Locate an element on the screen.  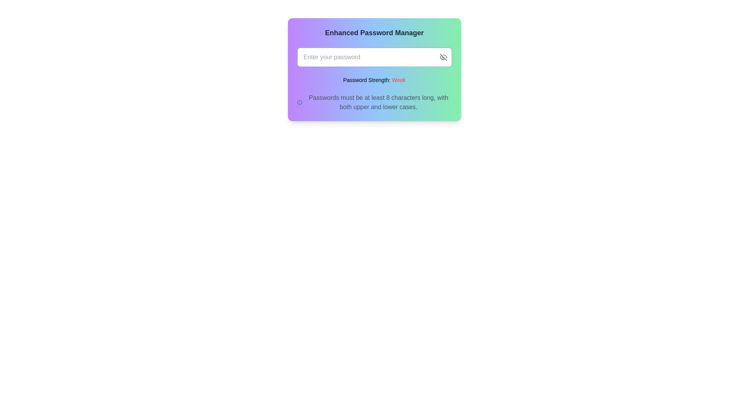
the toggle button for password visibility located at the far right end of the password input field within the 'Enhanced Password Manager' card to switch between showing and hiding the entered password is located at coordinates (443, 57).